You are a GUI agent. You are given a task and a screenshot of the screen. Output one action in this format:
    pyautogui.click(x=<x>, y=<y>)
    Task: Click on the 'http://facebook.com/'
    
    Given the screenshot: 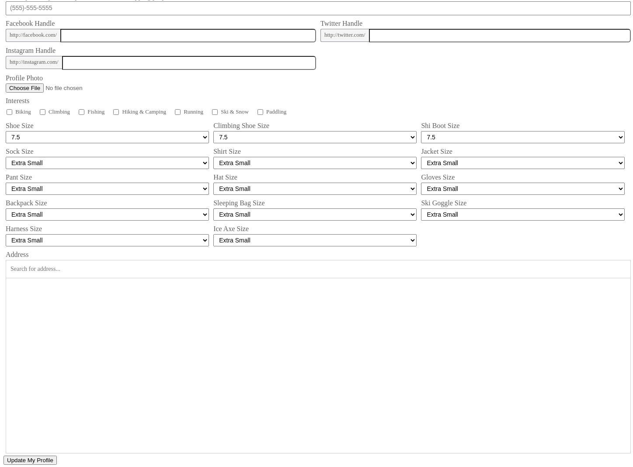 What is the action you would take?
    pyautogui.click(x=33, y=34)
    